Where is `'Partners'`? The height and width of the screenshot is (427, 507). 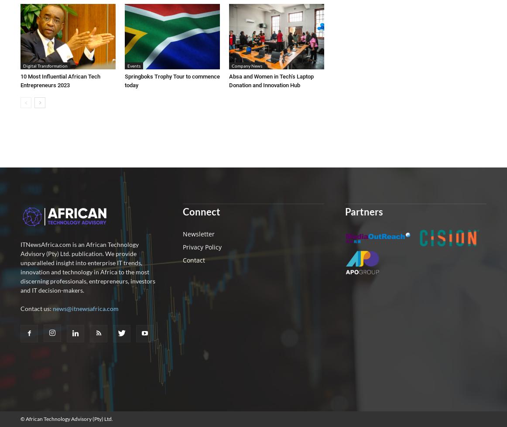 'Partners' is located at coordinates (344, 211).